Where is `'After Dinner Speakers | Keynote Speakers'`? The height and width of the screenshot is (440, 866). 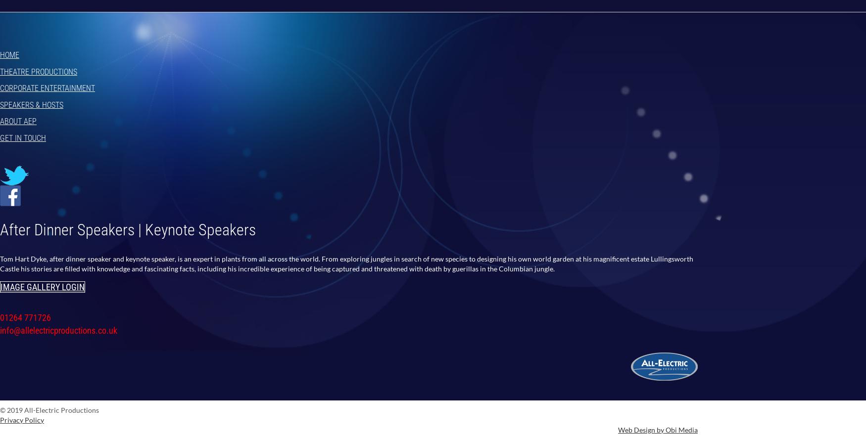
'After Dinner Speakers | Keynote Speakers' is located at coordinates (127, 230).